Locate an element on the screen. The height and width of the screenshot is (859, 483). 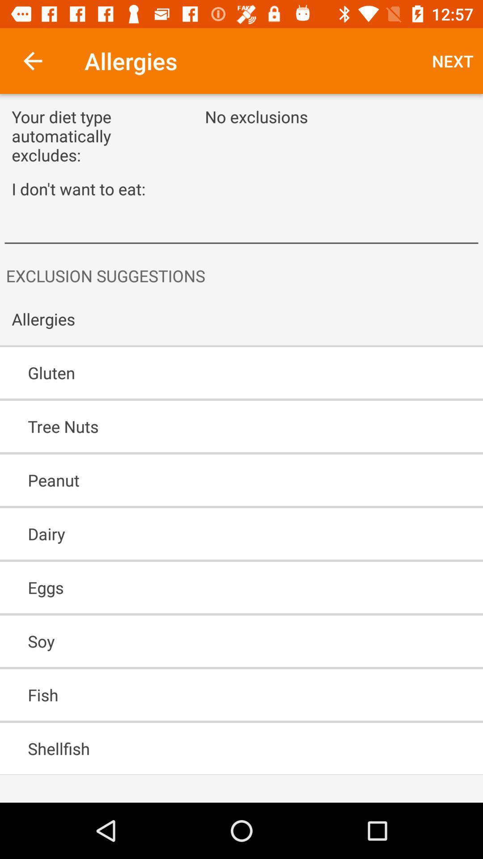
tree nuts is located at coordinates (216, 426).